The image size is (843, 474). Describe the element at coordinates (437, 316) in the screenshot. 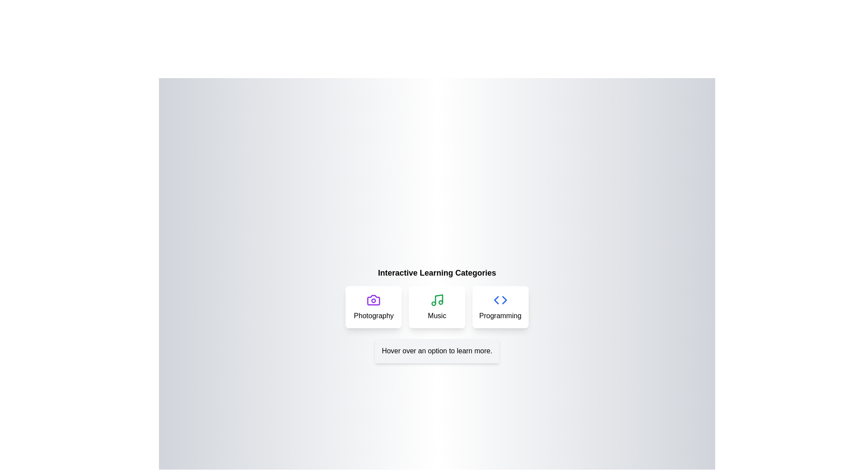

I see `the text label that provides a descriptor for the card located below the musical note icon, positioned as the second card in a row of three` at that location.